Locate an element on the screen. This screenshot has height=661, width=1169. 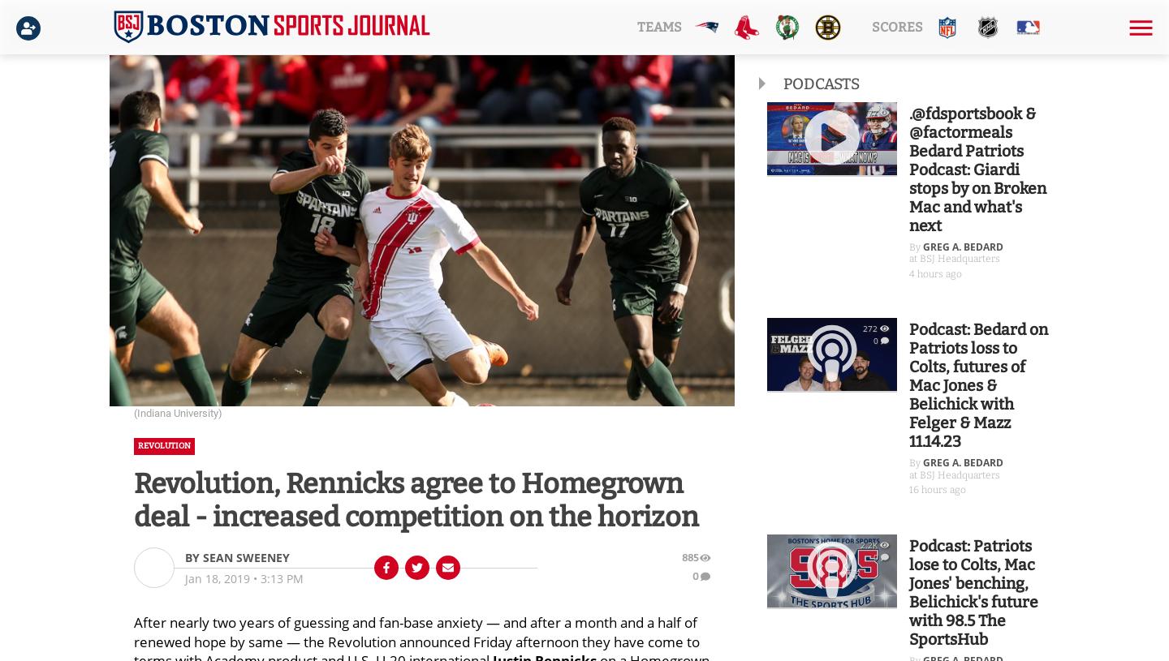
'Jan 18, 2019 • 3:13 PM' is located at coordinates (243, 577).